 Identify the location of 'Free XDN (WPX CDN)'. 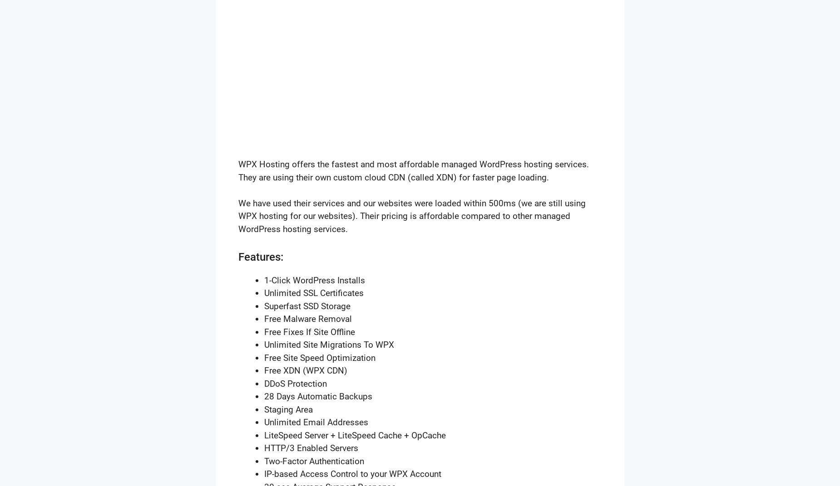
(306, 370).